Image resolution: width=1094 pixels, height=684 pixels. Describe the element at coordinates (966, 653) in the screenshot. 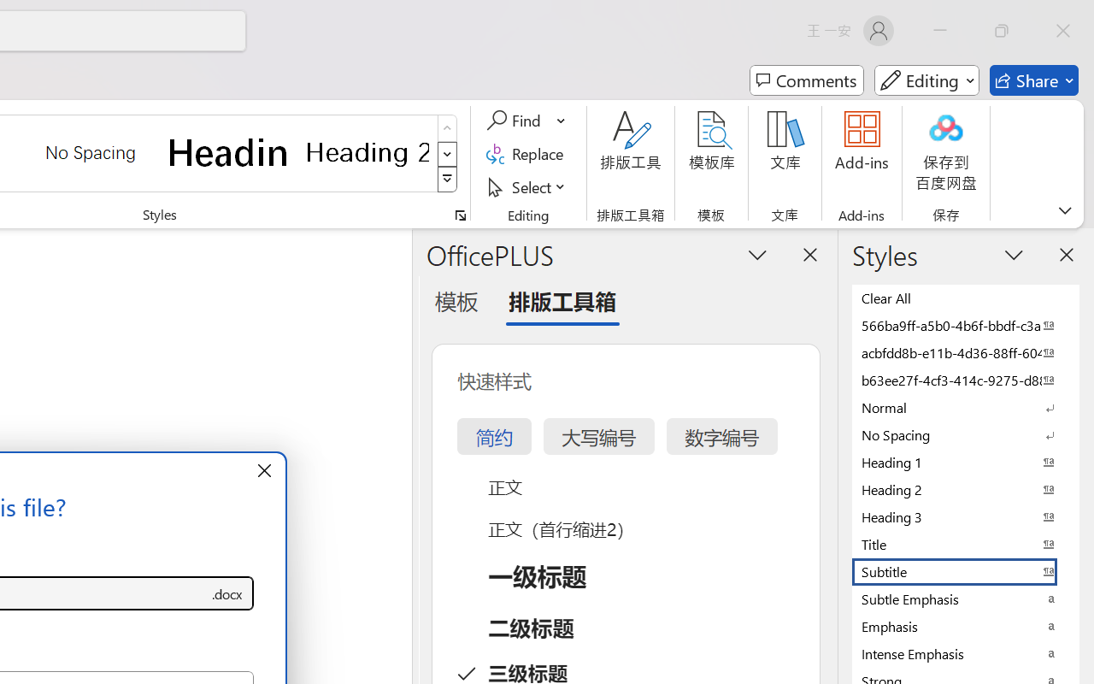

I see `'Intense Emphasis'` at that location.